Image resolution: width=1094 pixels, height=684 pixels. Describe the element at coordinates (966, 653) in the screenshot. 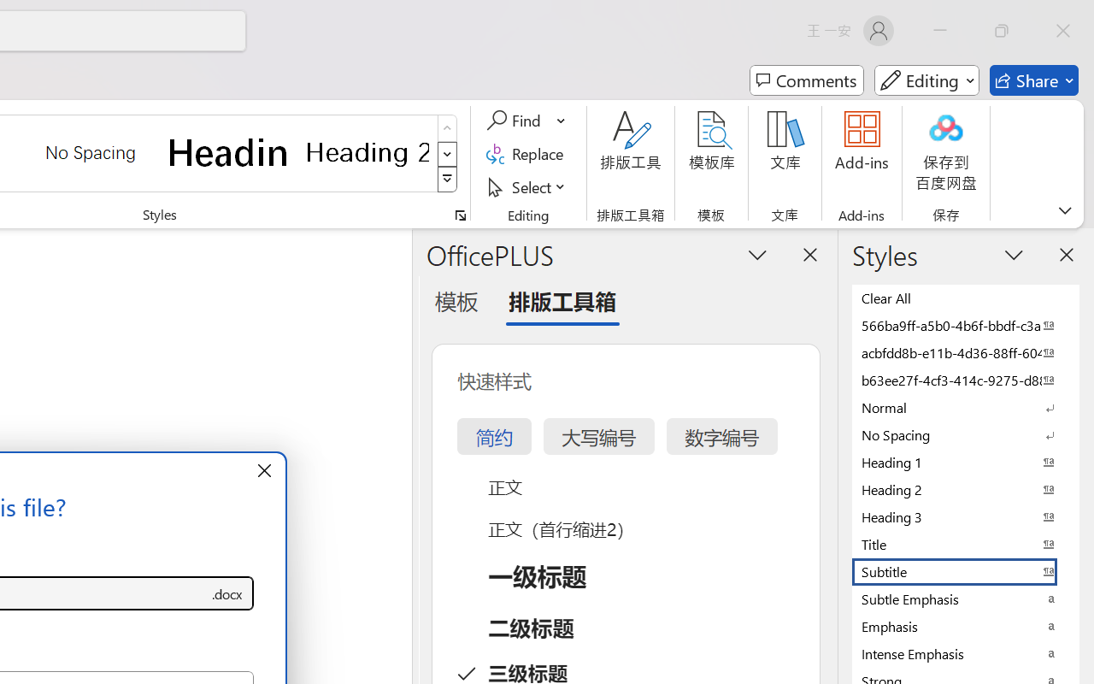

I see `'Intense Emphasis'` at that location.